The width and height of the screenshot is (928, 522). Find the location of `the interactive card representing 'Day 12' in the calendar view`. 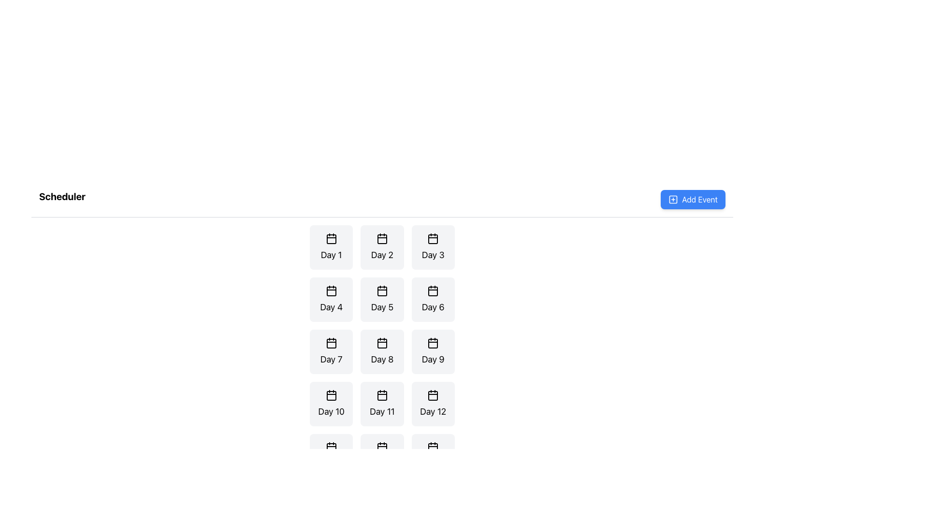

the interactive card representing 'Day 12' in the calendar view is located at coordinates (433, 404).